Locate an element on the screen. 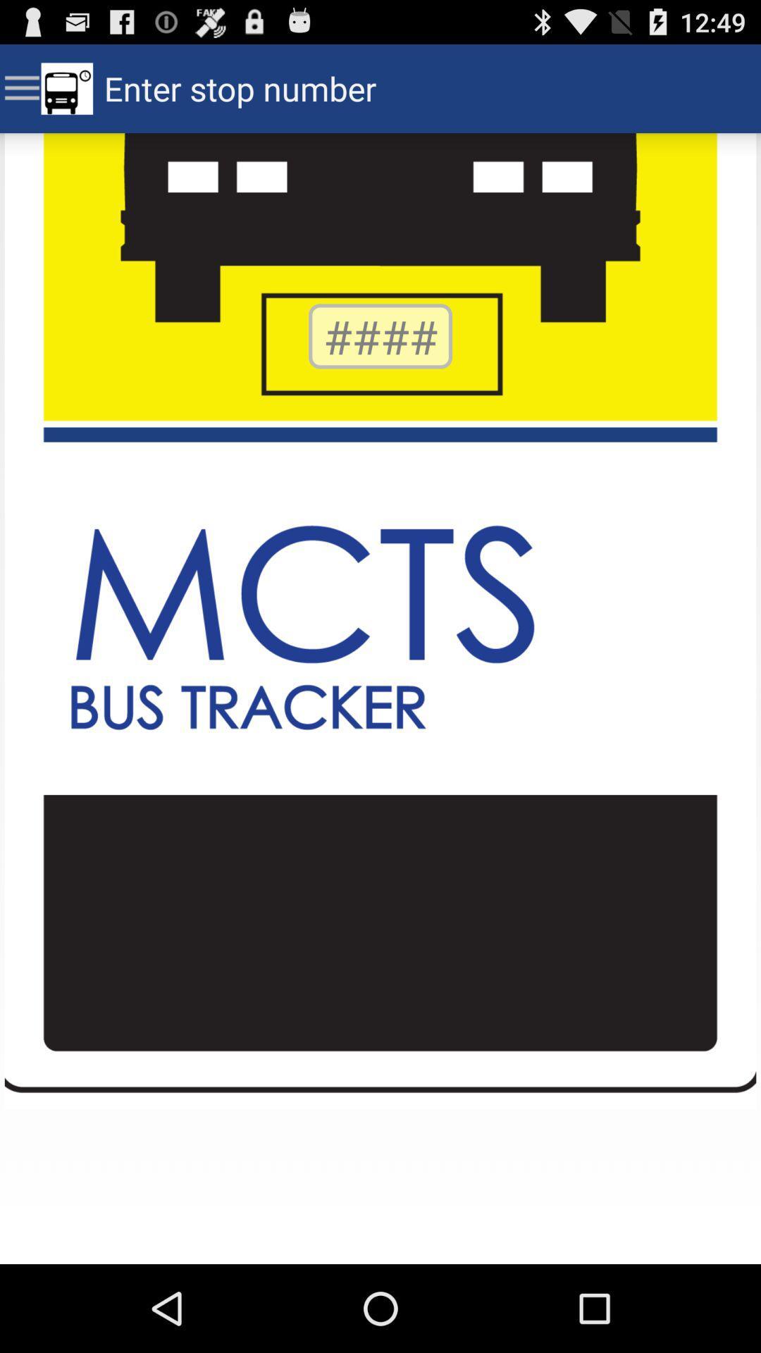 The image size is (761, 1353). stop number entry field is located at coordinates (380, 335).